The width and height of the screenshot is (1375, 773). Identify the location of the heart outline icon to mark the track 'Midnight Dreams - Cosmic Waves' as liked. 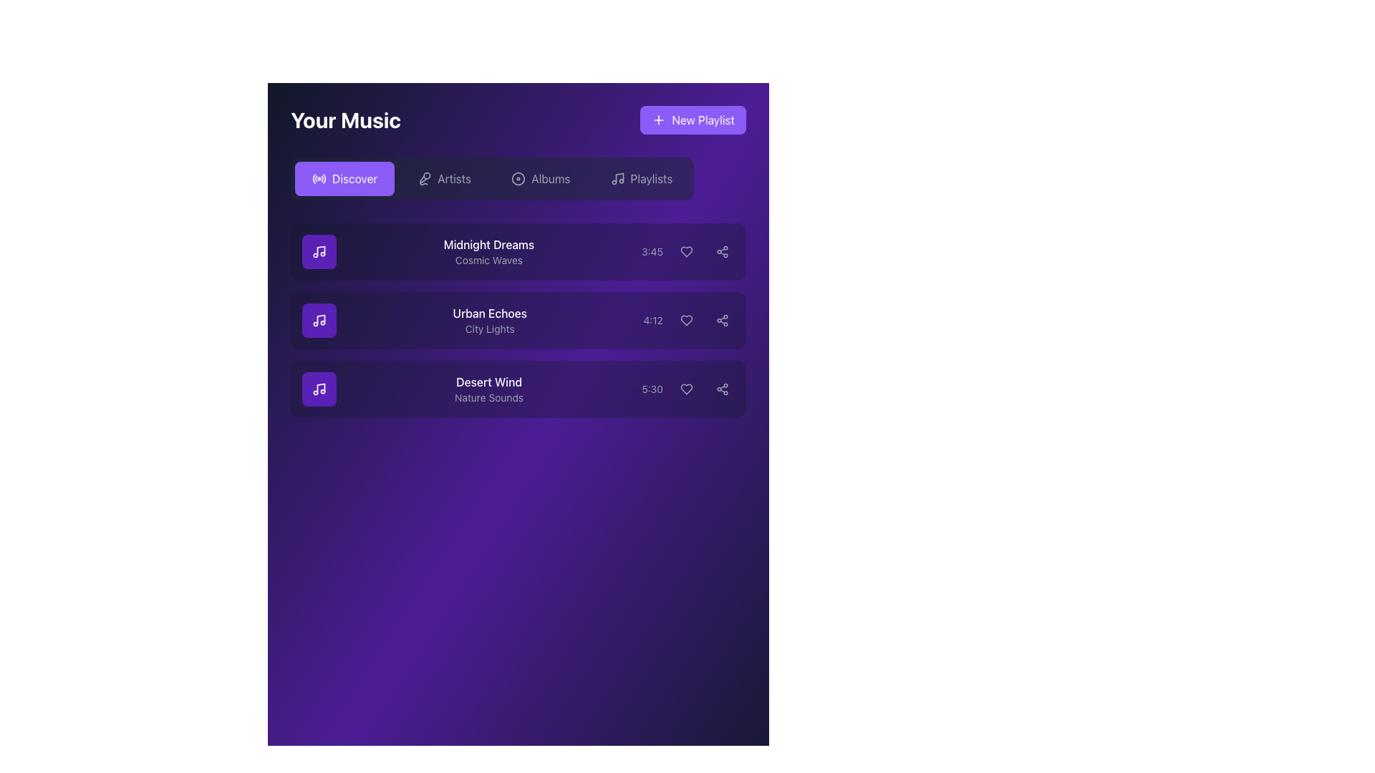
(686, 251).